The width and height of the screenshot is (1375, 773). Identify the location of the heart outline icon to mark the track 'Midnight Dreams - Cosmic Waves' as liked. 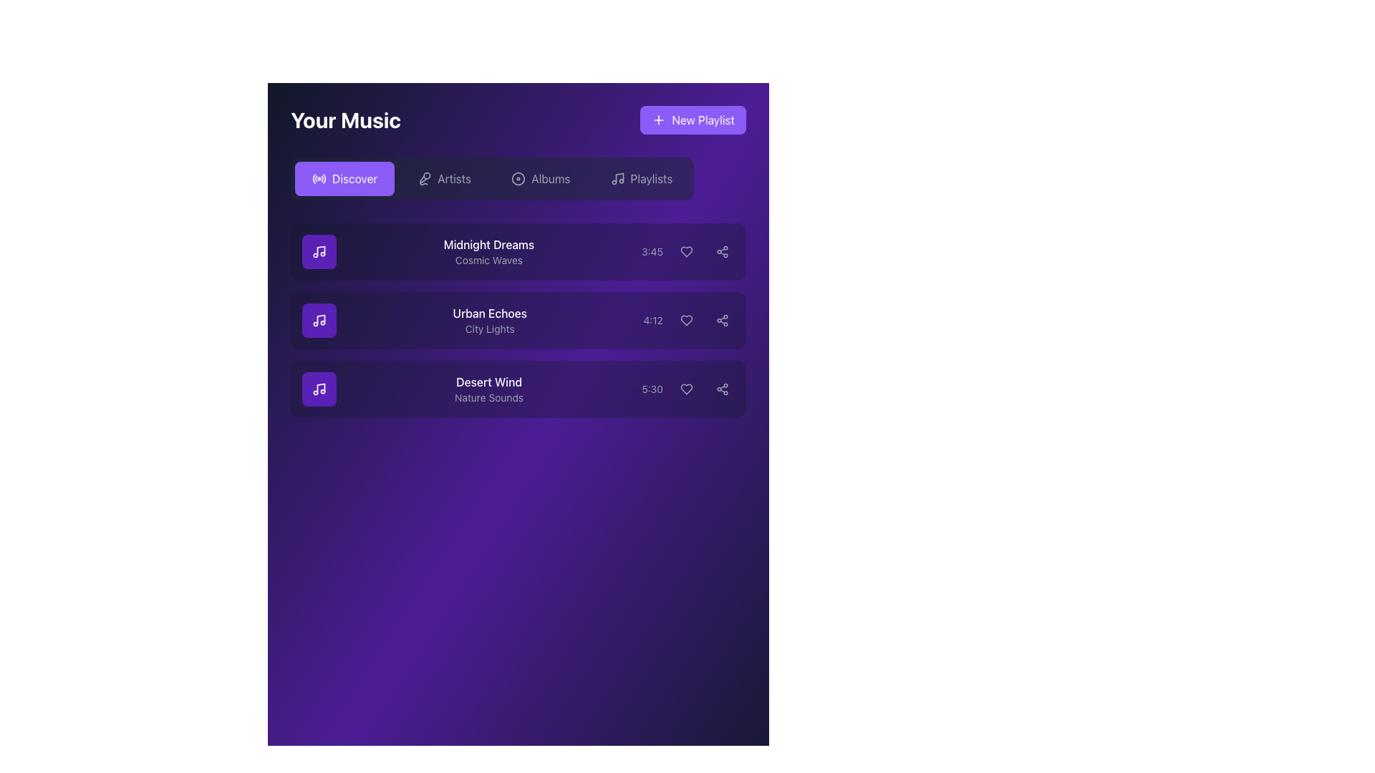
(686, 251).